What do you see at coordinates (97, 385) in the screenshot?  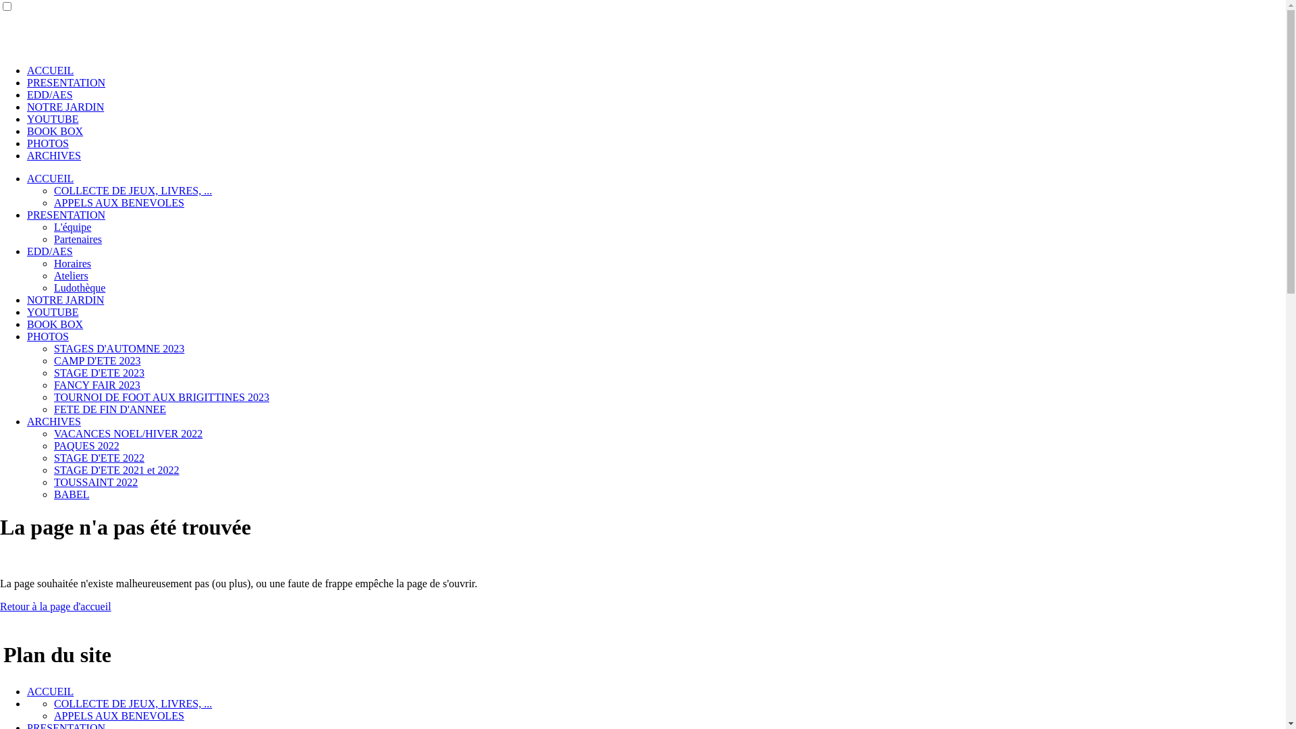 I see `'FANCY FAIR 2023'` at bounding box center [97, 385].